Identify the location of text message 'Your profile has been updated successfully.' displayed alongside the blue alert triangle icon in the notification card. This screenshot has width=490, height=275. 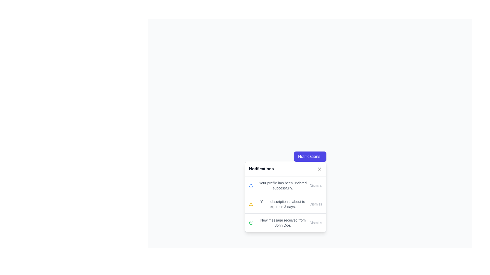
(279, 186).